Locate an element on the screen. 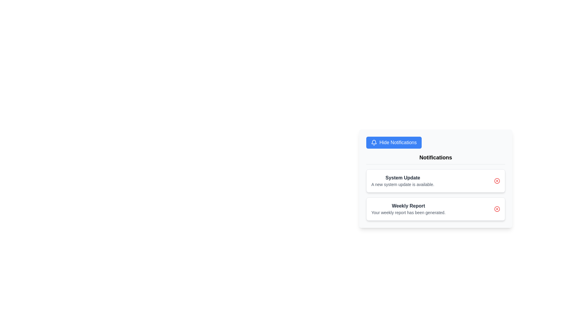 The width and height of the screenshot is (575, 323). the static text element displaying 'System Update' with the description 'A new system update is available.' located in the notifications section is located at coordinates (403, 181).